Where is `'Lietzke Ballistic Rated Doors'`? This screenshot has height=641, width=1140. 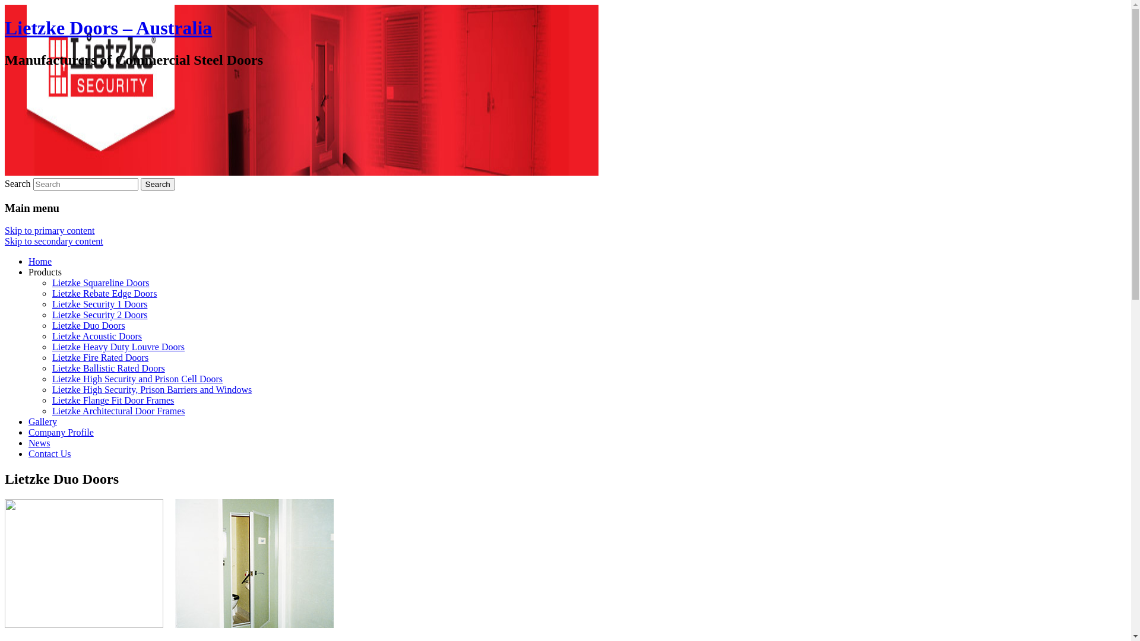
'Lietzke Ballistic Rated Doors' is located at coordinates (108, 367).